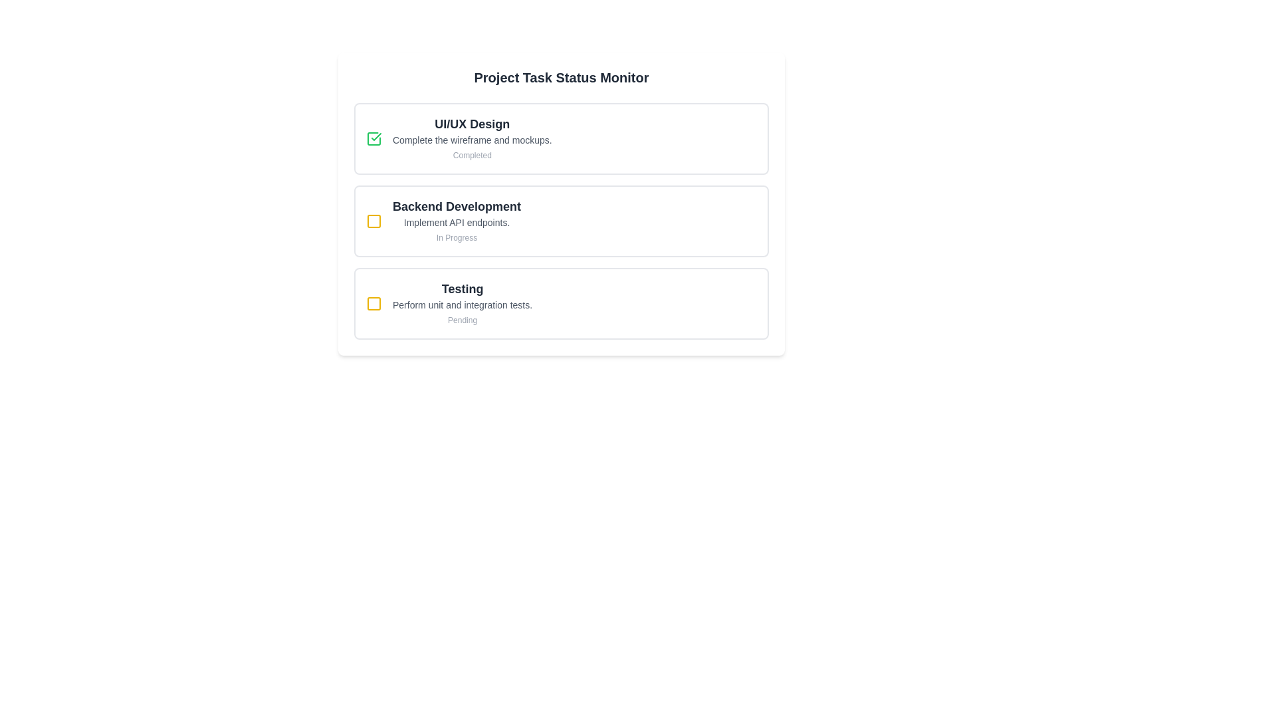  What do you see at coordinates (561, 220) in the screenshot?
I see `the Interactive task card for 'Backend Development'` at bounding box center [561, 220].